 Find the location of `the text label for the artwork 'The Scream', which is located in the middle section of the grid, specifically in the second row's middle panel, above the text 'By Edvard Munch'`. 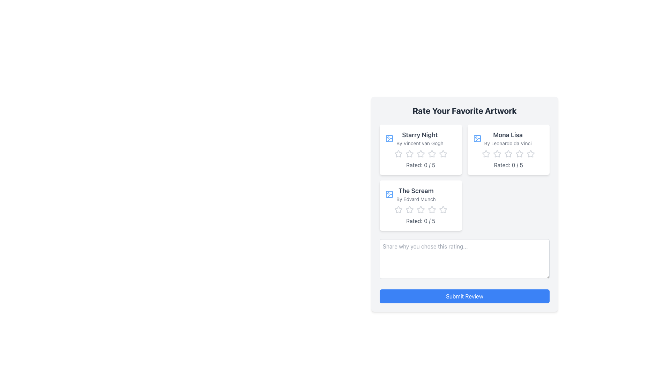

the text label for the artwork 'The Scream', which is located in the middle section of the grid, specifically in the second row's middle panel, above the text 'By Edvard Munch' is located at coordinates (416, 191).